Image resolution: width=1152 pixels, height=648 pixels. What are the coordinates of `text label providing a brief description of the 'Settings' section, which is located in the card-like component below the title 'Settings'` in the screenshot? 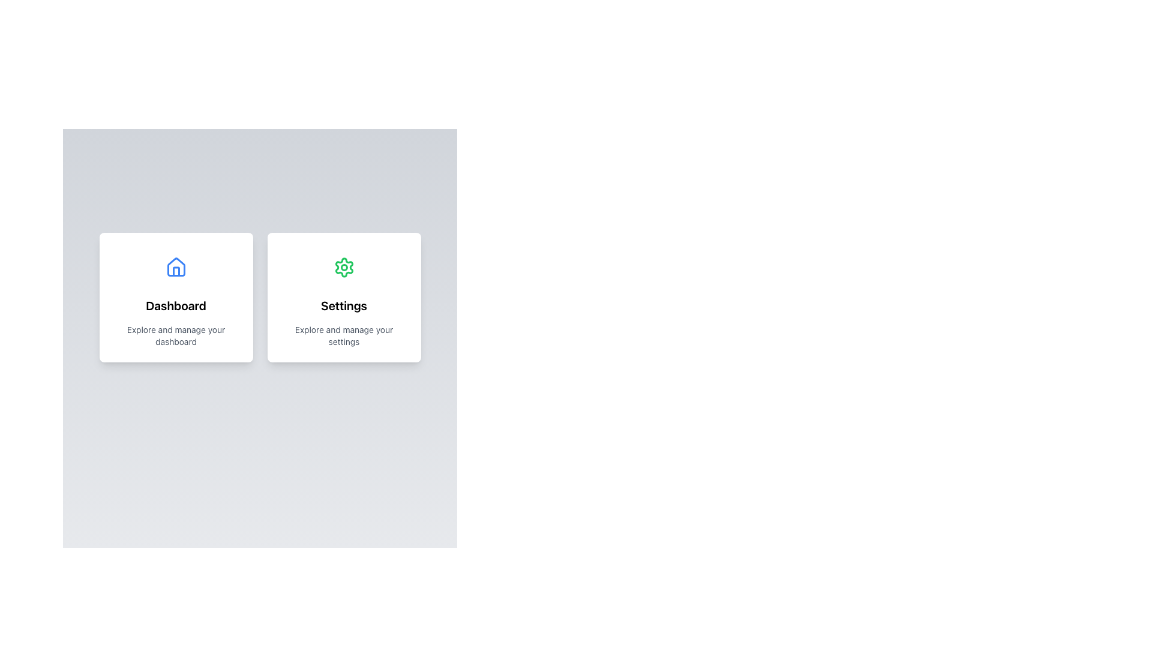 It's located at (343, 335).